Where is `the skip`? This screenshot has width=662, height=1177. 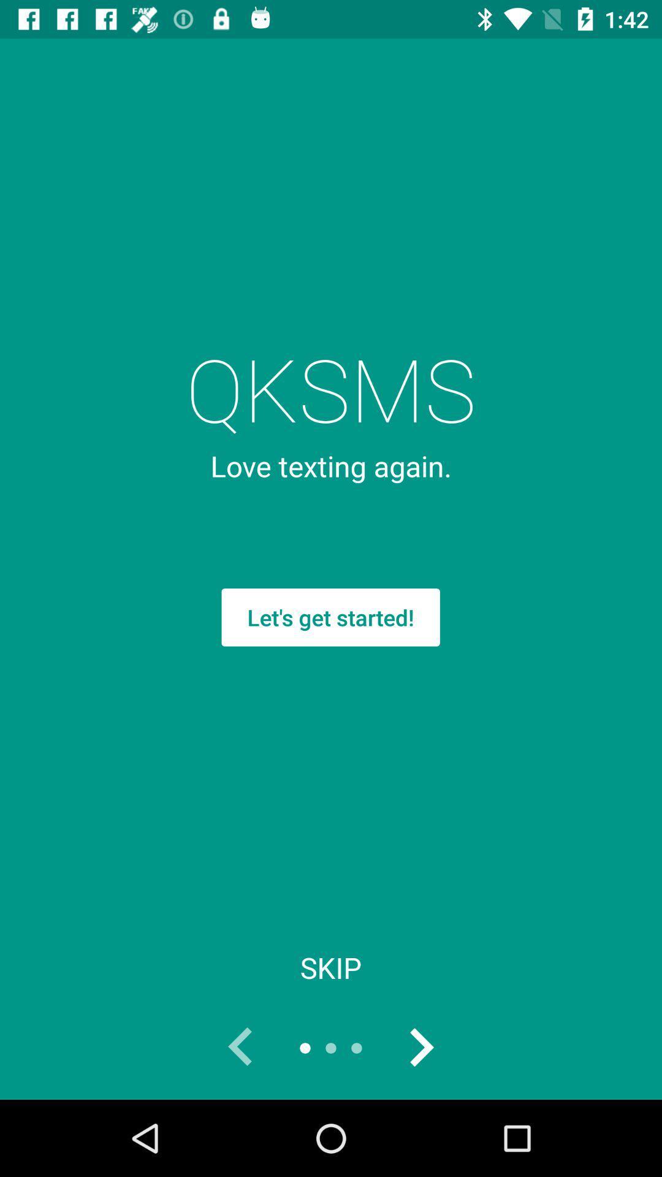 the skip is located at coordinates (331, 967).